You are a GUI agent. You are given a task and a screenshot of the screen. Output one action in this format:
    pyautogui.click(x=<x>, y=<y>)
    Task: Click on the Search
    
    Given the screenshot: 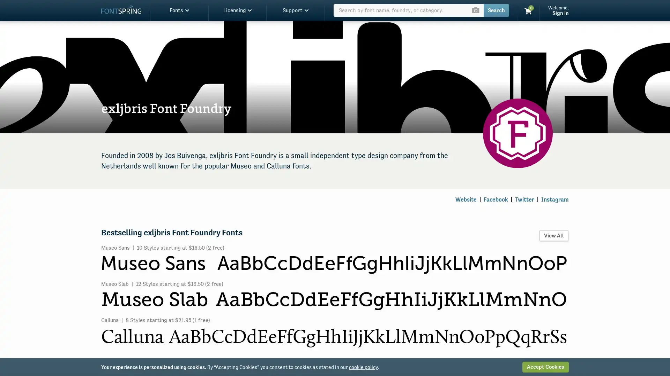 What is the action you would take?
    pyautogui.click(x=496, y=10)
    